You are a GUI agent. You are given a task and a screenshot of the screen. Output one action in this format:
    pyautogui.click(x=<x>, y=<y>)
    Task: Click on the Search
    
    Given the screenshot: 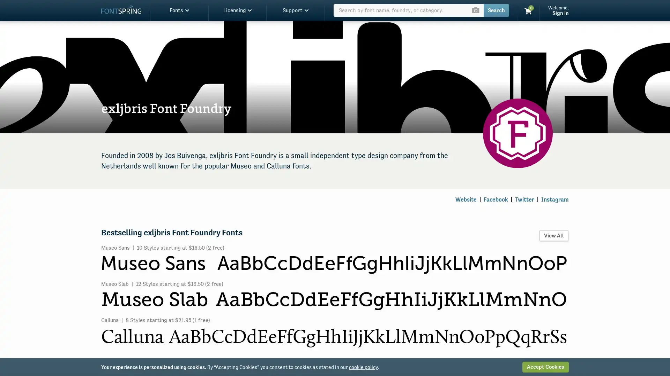 What is the action you would take?
    pyautogui.click(x=496, y=10)
    